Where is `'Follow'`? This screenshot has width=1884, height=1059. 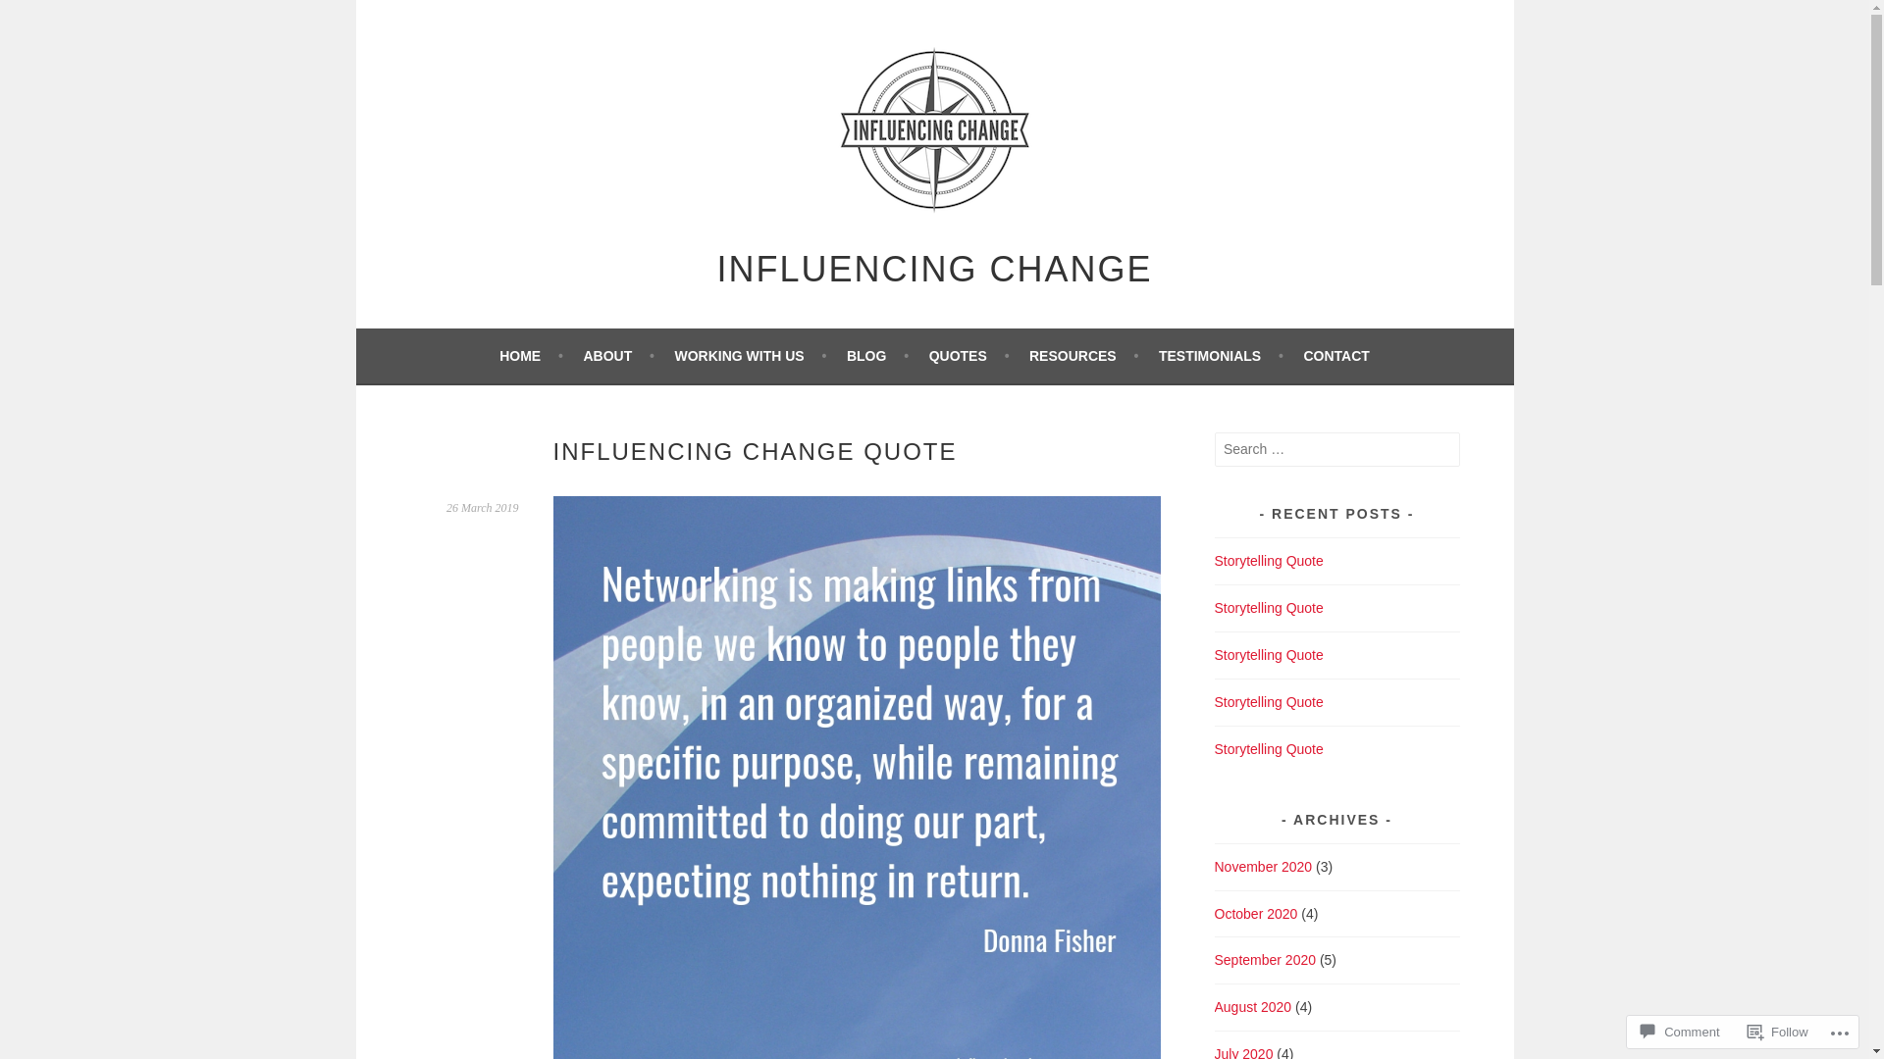 'Follow' is located at coordinates (1778, 1031).